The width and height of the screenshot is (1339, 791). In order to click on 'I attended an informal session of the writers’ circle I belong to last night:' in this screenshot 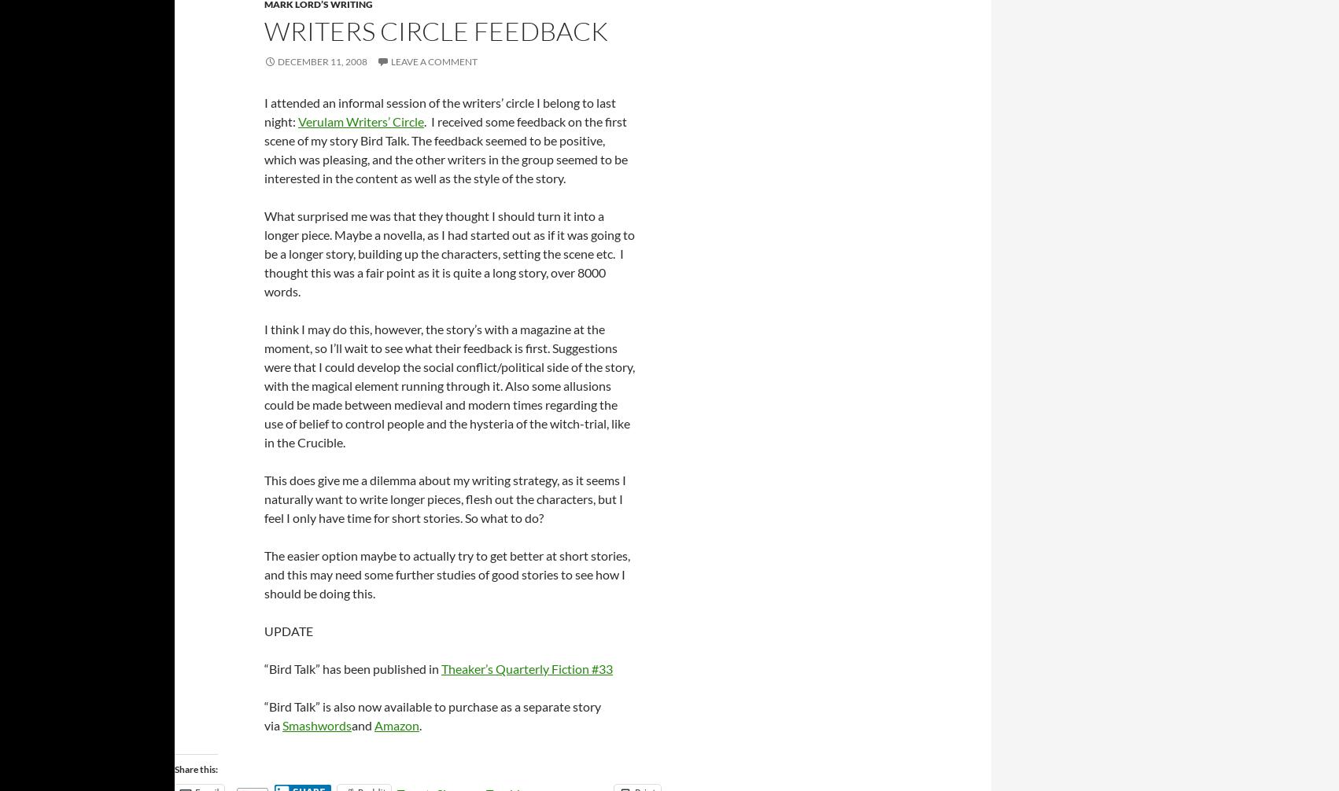, I will do `click(439, 111)`.